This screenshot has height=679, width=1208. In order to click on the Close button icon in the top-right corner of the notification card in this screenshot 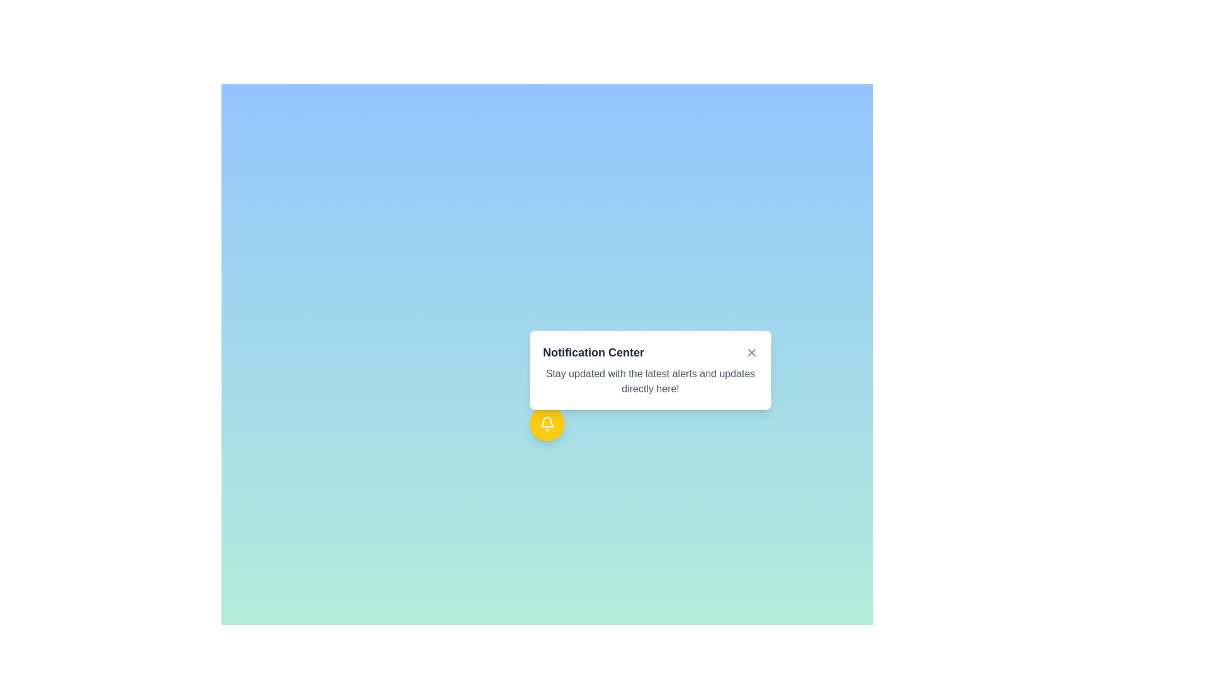, I will do `click(752, 352)`.